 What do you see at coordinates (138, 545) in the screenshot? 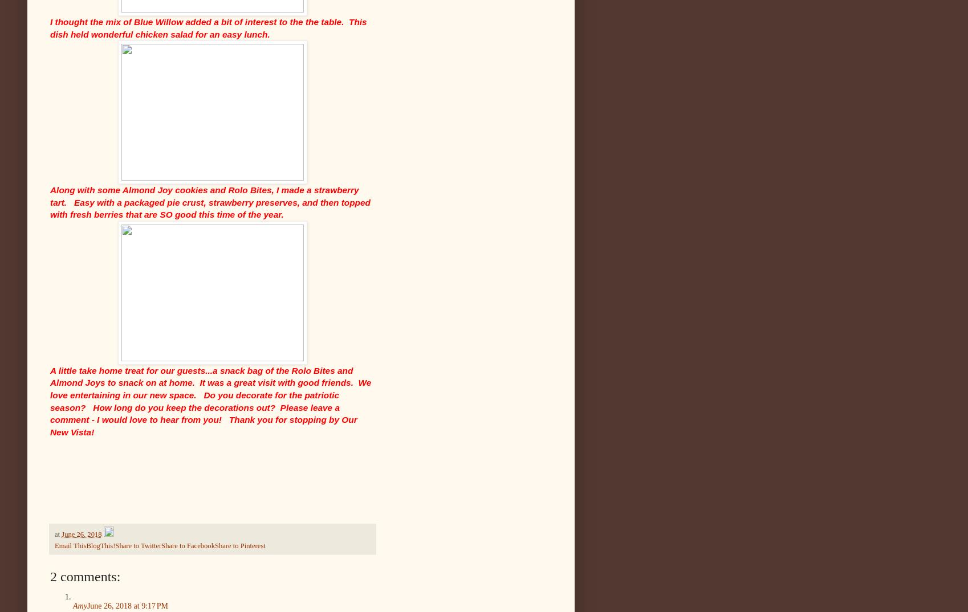
I see `'Share to Twitter'` at bounding box center [138, 545].